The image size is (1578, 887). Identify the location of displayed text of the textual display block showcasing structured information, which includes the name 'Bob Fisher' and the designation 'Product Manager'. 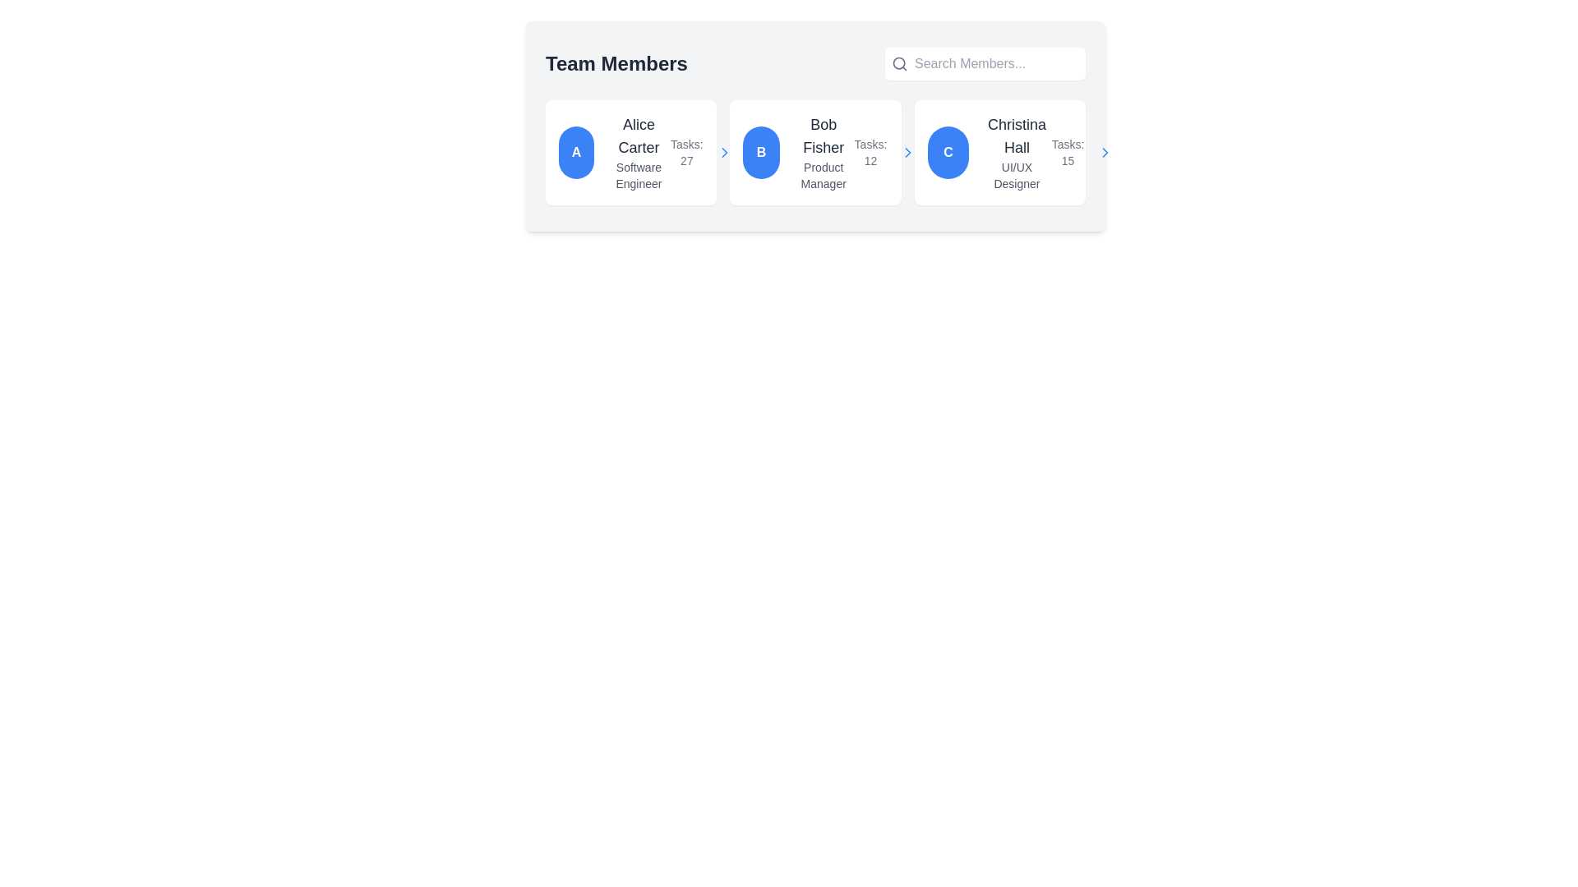
(824, 152).